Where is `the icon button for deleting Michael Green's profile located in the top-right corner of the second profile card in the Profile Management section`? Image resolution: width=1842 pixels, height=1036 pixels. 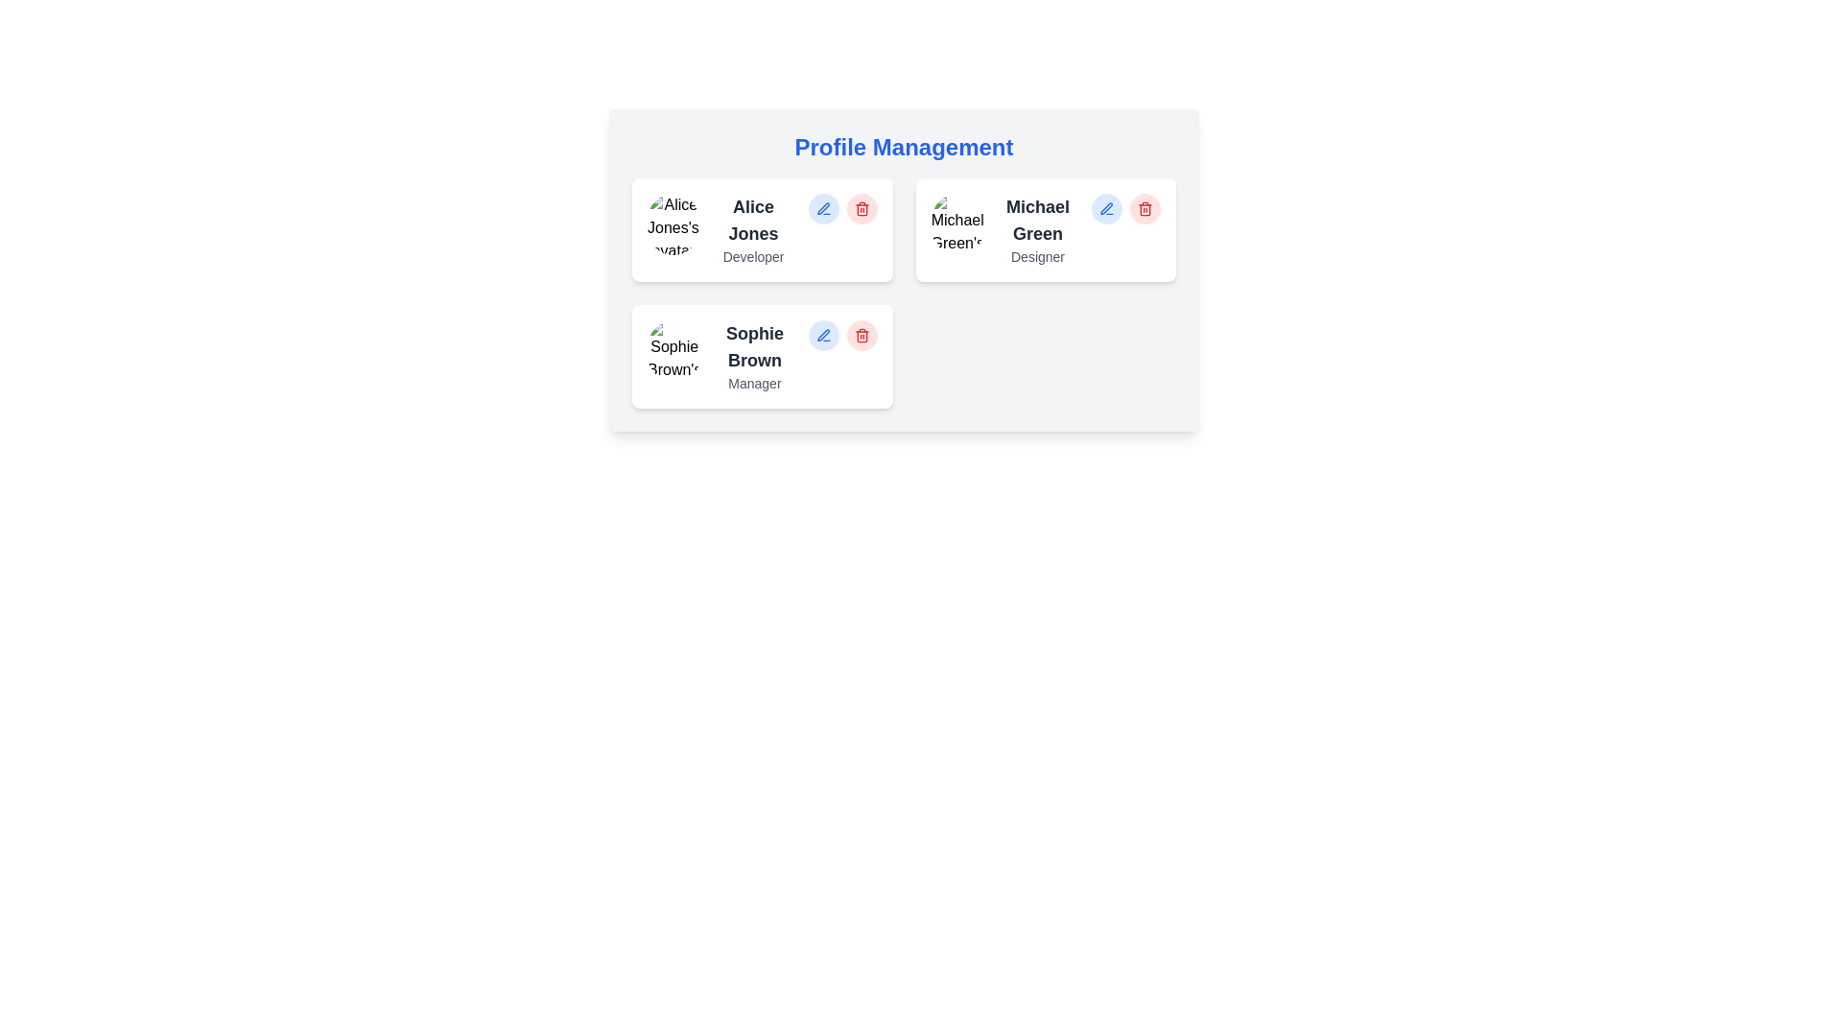 the icon button for deleting Michael Green's profile located in the top-right corner of the second profile card in the Profile Management section is located at coordinates (1145, 209).